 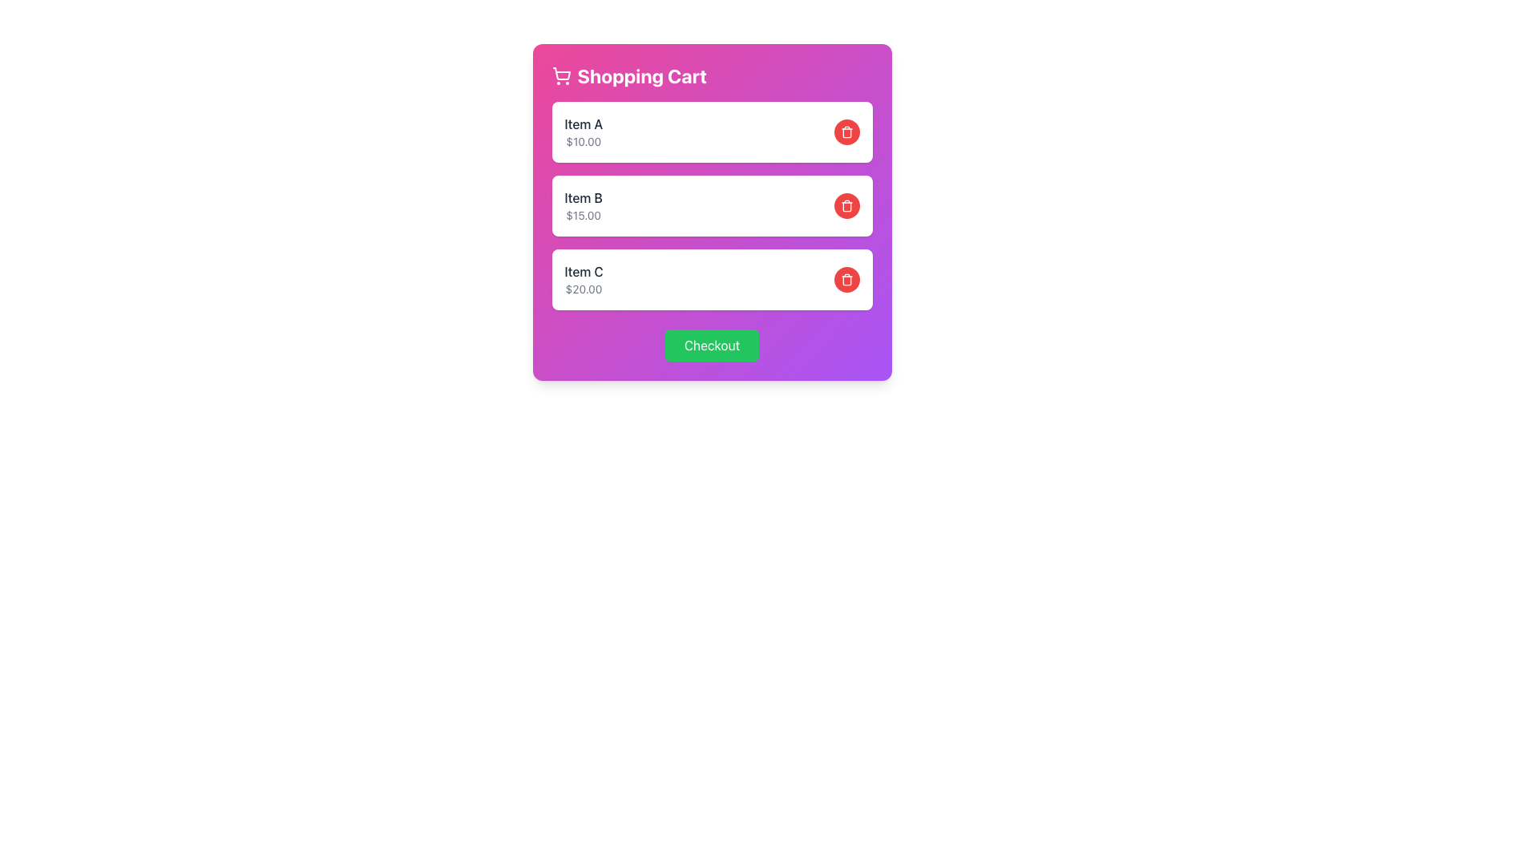 I want to click on the checkout button located at the bottom-center of the shopping cart interface to proceed to checkout, so click(x=711, y=345).